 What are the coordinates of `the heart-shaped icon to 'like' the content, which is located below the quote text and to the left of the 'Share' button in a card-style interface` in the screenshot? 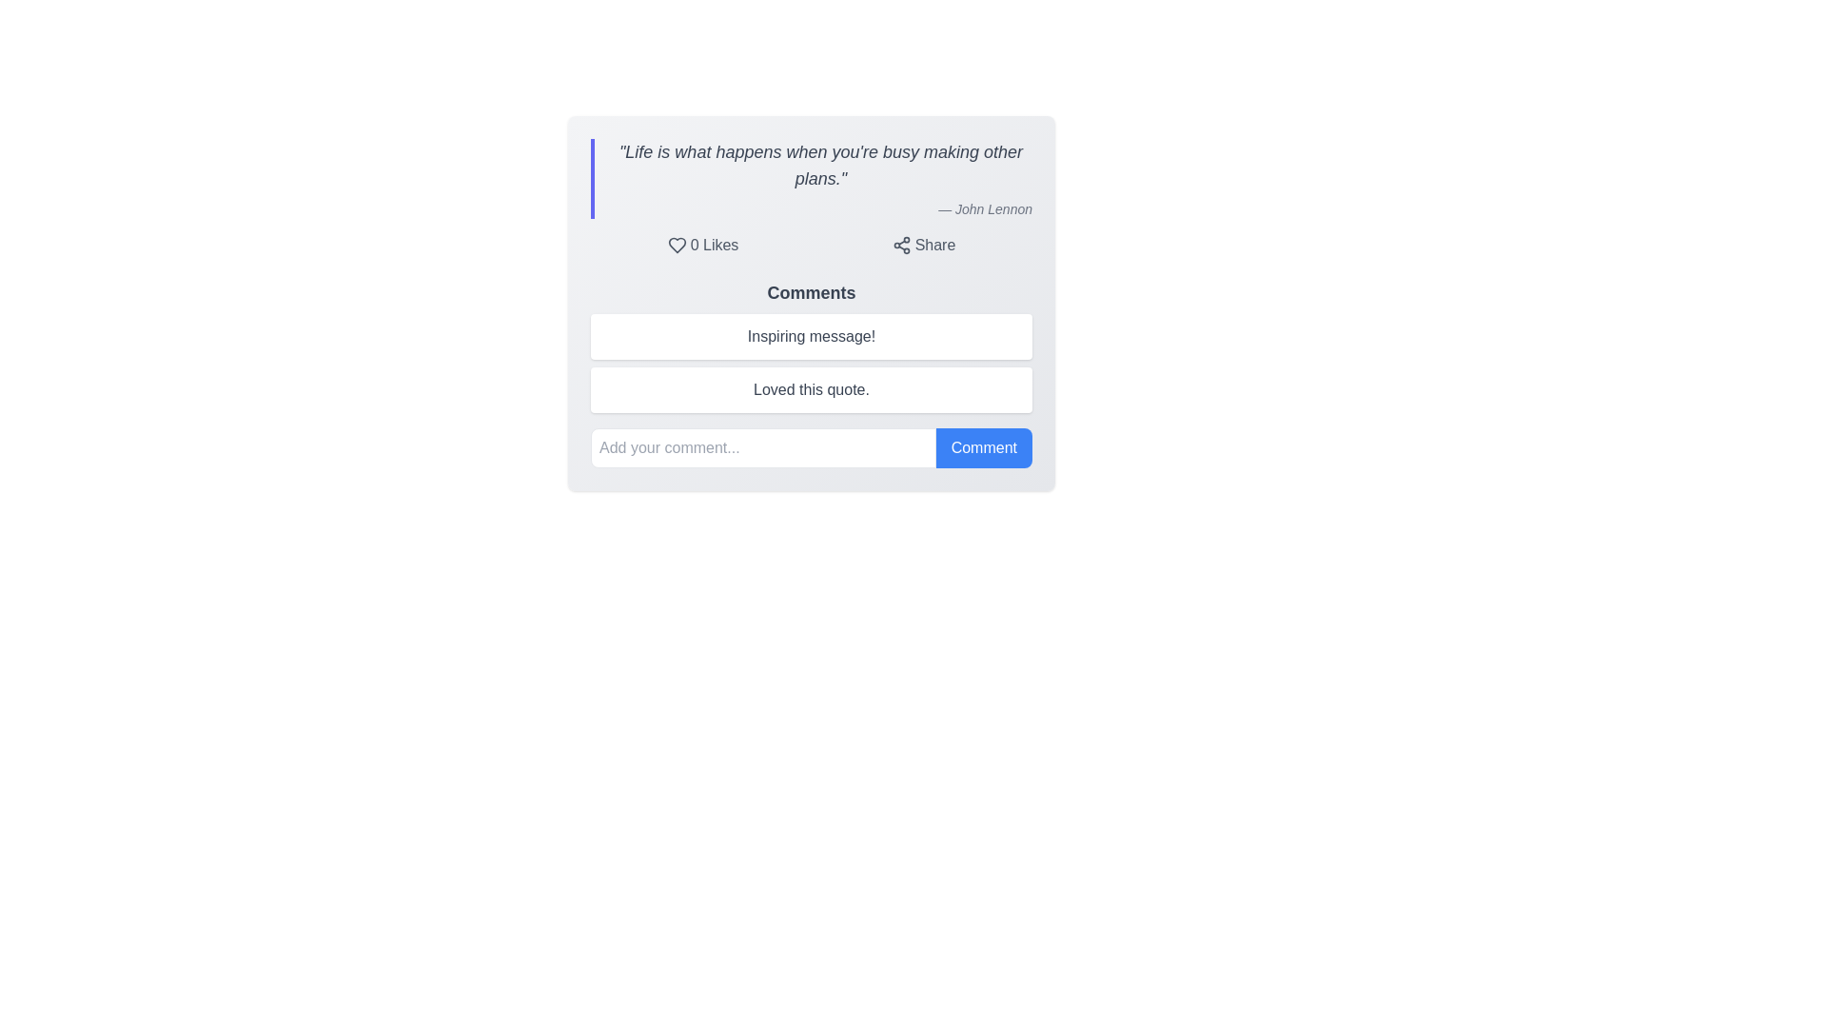 It's located at (677, 245).